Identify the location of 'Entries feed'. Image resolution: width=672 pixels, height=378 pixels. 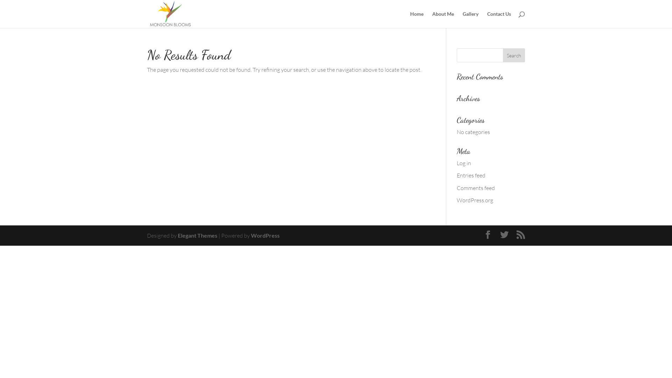
(471, 175).